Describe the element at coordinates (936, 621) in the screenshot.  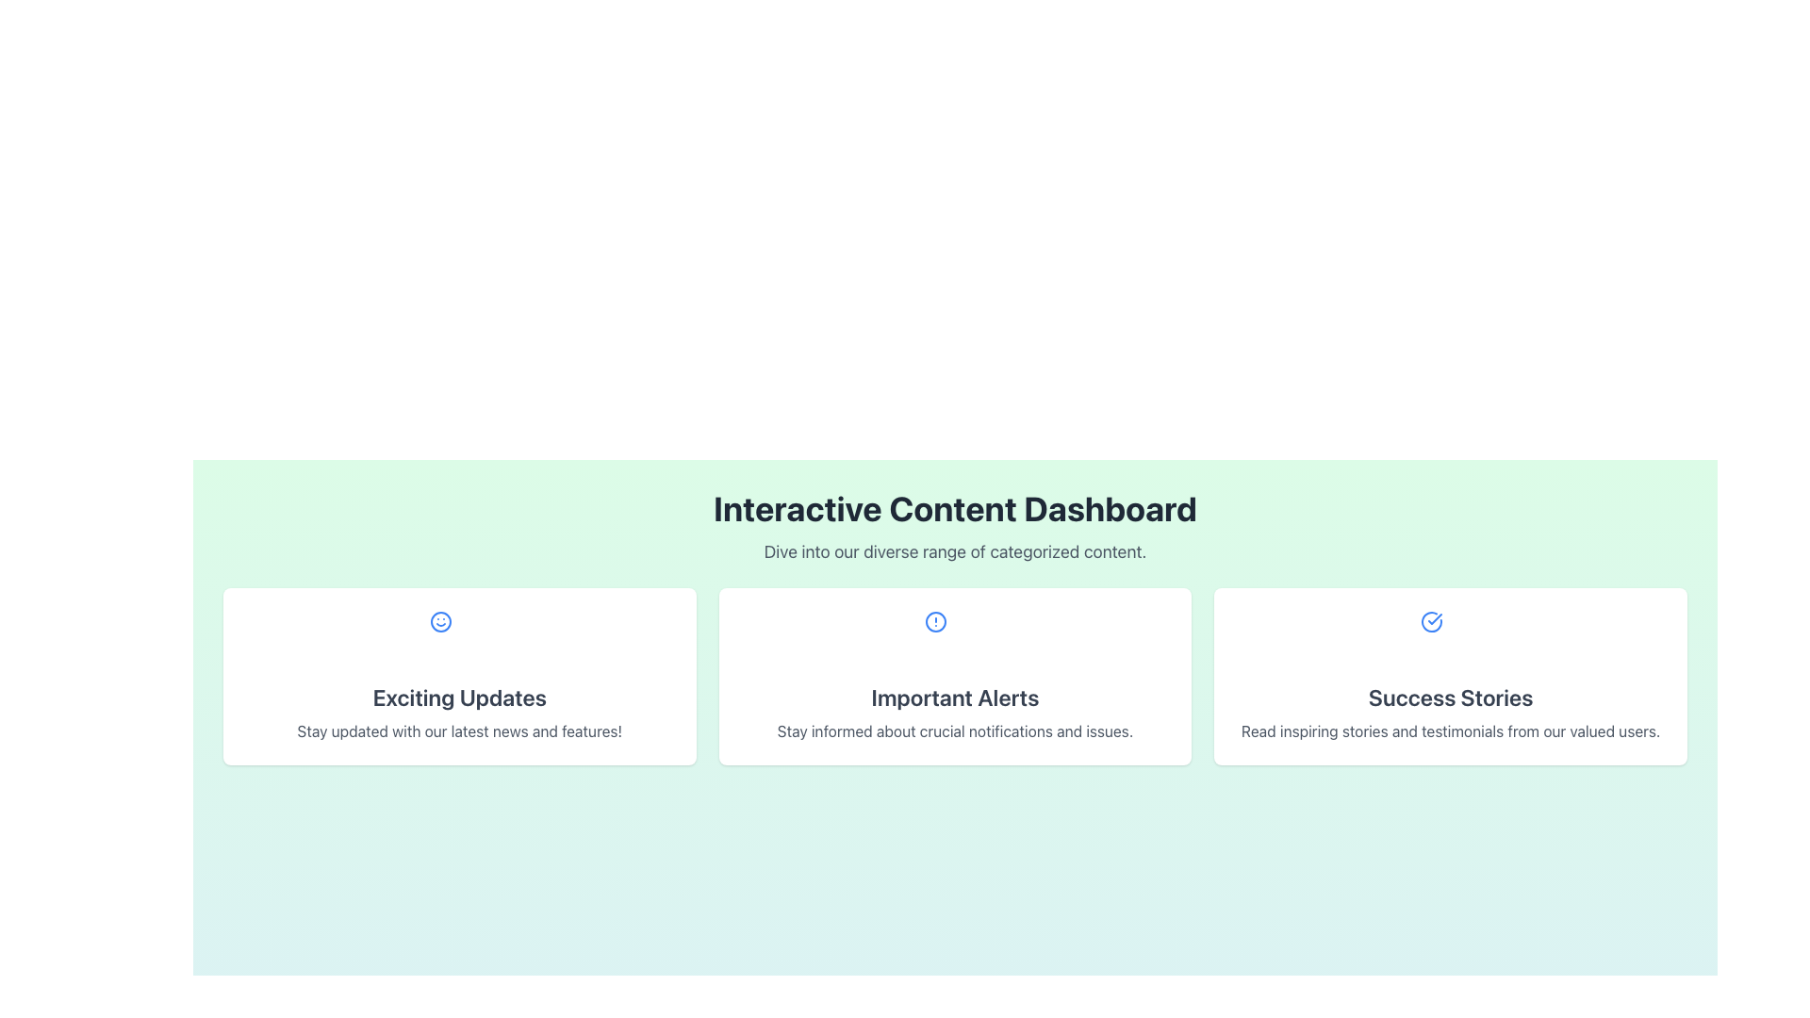
I see `the alert icon located in the center of the second card titled 'Important Alerts' in the 'Interactive Content Dashboard'` at that location.